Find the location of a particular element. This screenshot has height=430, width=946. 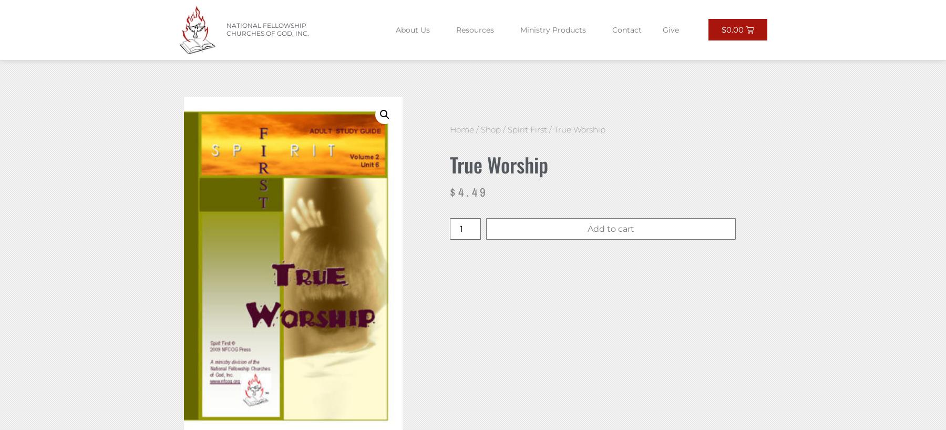

'True Worship' is located at coordinates (450, 163).